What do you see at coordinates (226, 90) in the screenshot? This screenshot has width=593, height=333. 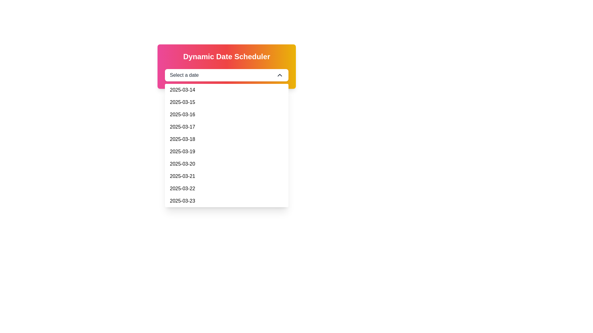 I see `the first item in the dropdown list under the 'Select a date' input field` at bounding box center [226, 90].